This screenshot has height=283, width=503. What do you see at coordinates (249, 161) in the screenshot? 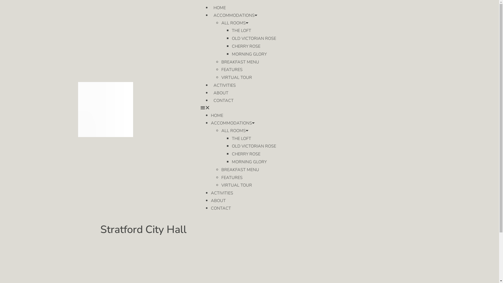
I see `'MORNING GLORY'` at bounding box center [249, 161].